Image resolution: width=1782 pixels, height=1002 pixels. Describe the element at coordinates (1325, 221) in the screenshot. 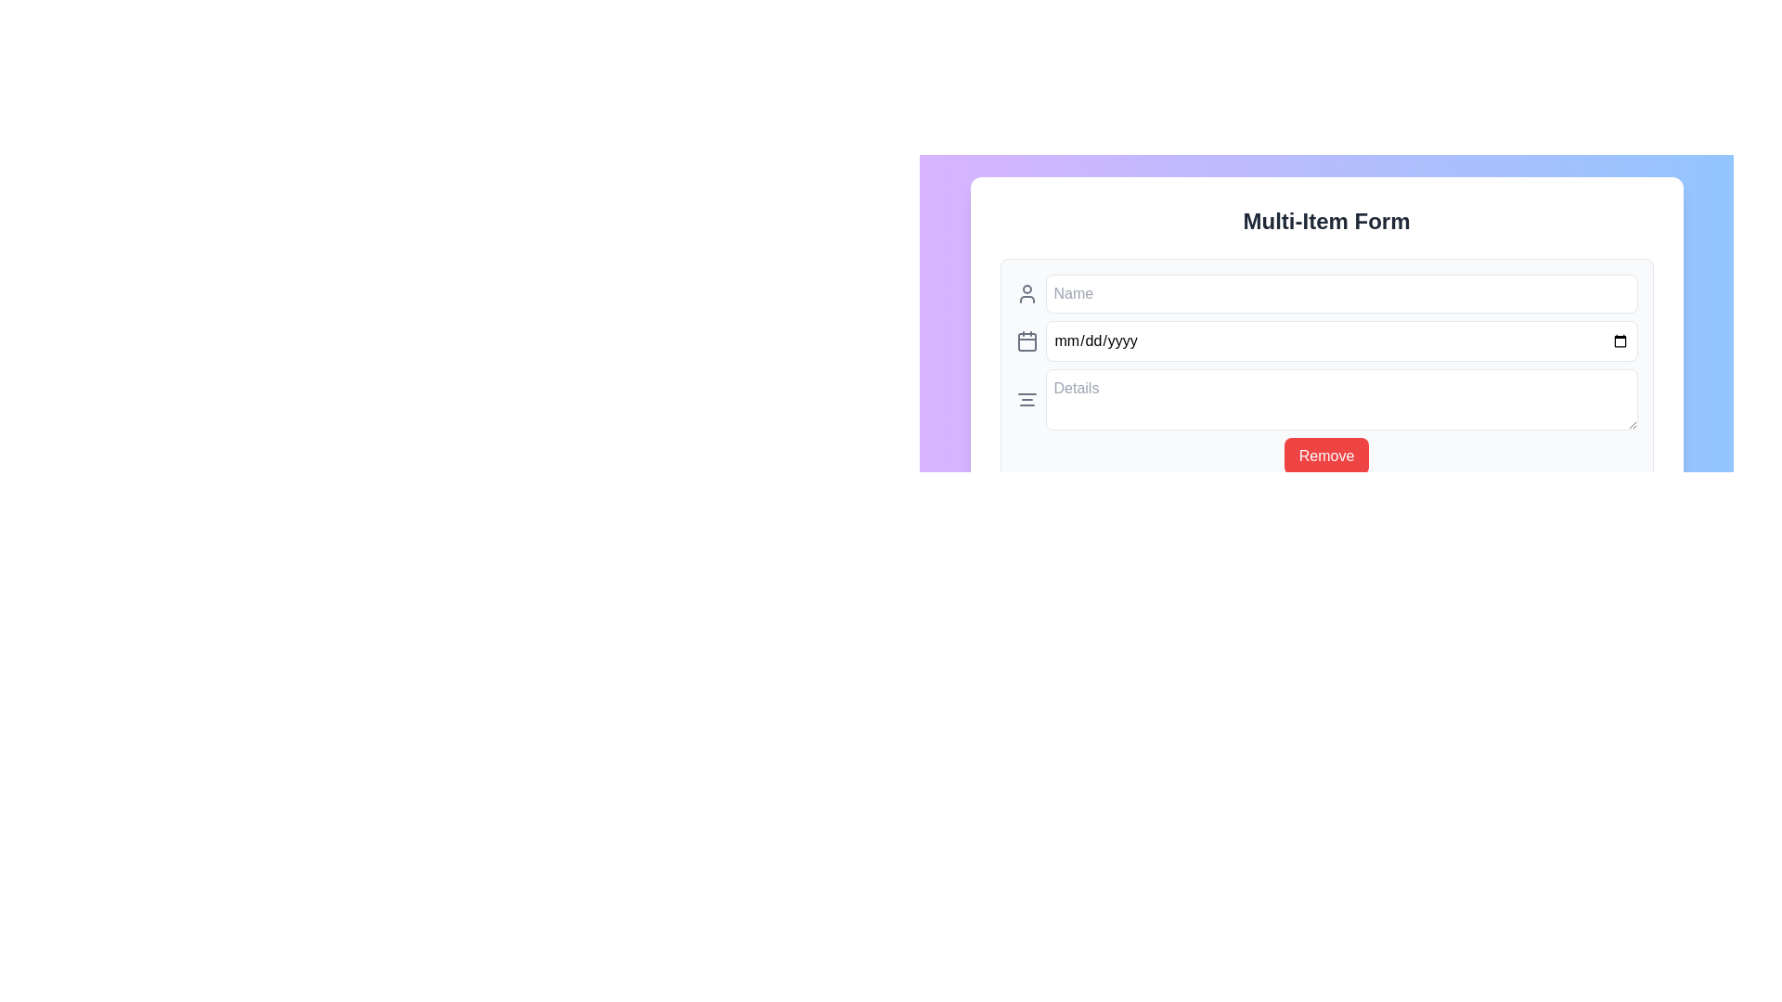

I see `the text label at the top of the form to interact with potential tooltips` at that location.